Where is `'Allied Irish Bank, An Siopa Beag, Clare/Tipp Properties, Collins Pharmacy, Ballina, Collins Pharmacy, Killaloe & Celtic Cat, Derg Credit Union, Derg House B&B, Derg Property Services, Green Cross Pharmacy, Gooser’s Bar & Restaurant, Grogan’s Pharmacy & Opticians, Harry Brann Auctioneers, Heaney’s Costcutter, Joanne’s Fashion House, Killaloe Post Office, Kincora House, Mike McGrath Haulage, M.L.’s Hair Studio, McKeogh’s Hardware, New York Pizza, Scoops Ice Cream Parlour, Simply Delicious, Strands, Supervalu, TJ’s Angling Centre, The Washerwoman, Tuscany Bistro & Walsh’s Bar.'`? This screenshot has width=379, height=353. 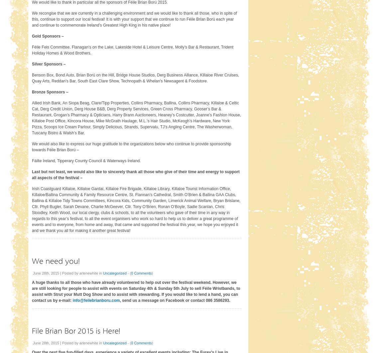
'Allied Irish Bank, An Siopa Beag, Clare/Tipp Properties, Collins Pharmacy, Ballina, Collins Pharmacy, Killaloe & Celtic Cat, Derg Credit Union, Derg House B&B, Derg Property Services, Green Cross Pharmacy, Gooser’s Bar & Restaurant, Grogan’s Pharmacy & Opticians, Harry Brann Auctioneers, Heaney’s Costcutter, Joanne’s Fashion House, Killaloe Post Office, Kincora House, Mike McGrath Haulage, M.L.’s Hair Studio, McKeogh’s Hardware, New York Pizza, Scoops Ice Cream Parlour, Simply Delicious, Strands, Supervalu, TJ’s Angling Centre, The Washerwoman, Tuscany Bistro & Walsh’s Bar.' is located at coordinates (136, 117).